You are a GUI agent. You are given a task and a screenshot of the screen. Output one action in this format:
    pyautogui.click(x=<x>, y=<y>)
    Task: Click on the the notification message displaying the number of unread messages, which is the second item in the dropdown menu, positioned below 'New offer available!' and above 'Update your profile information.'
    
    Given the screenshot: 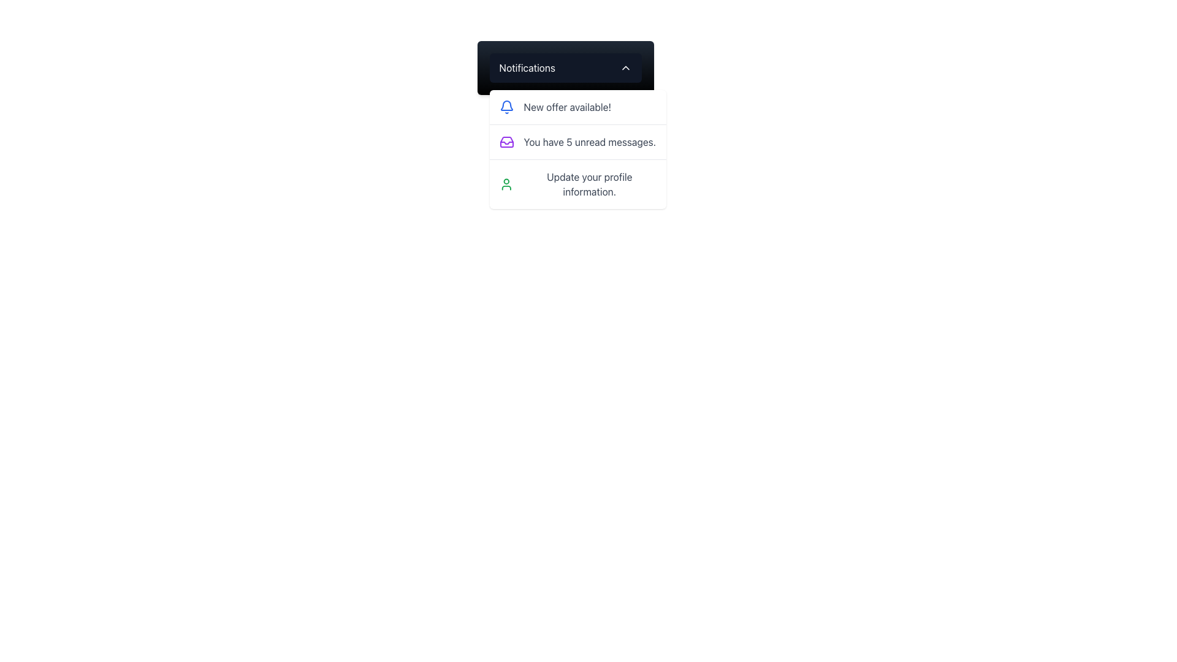 What is the action you would take?
    pyautogui.click(x=577, y=141)
    